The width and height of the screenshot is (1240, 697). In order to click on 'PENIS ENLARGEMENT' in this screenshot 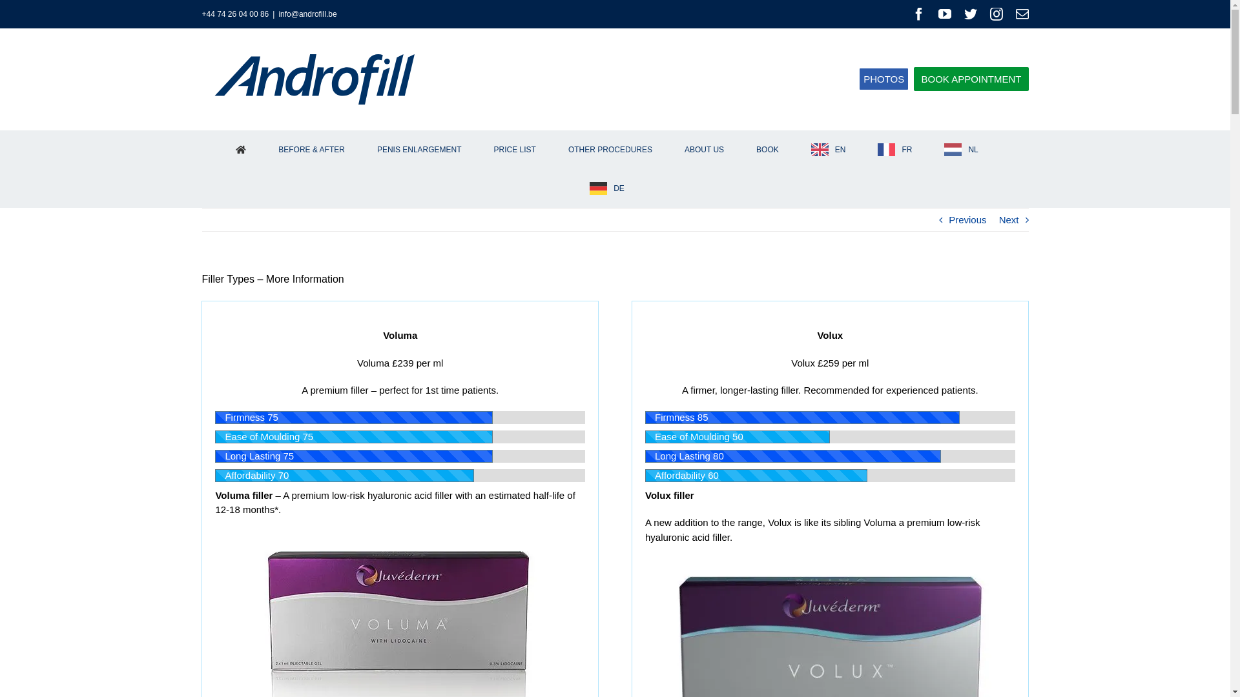, I will do `click(418, 148)`.